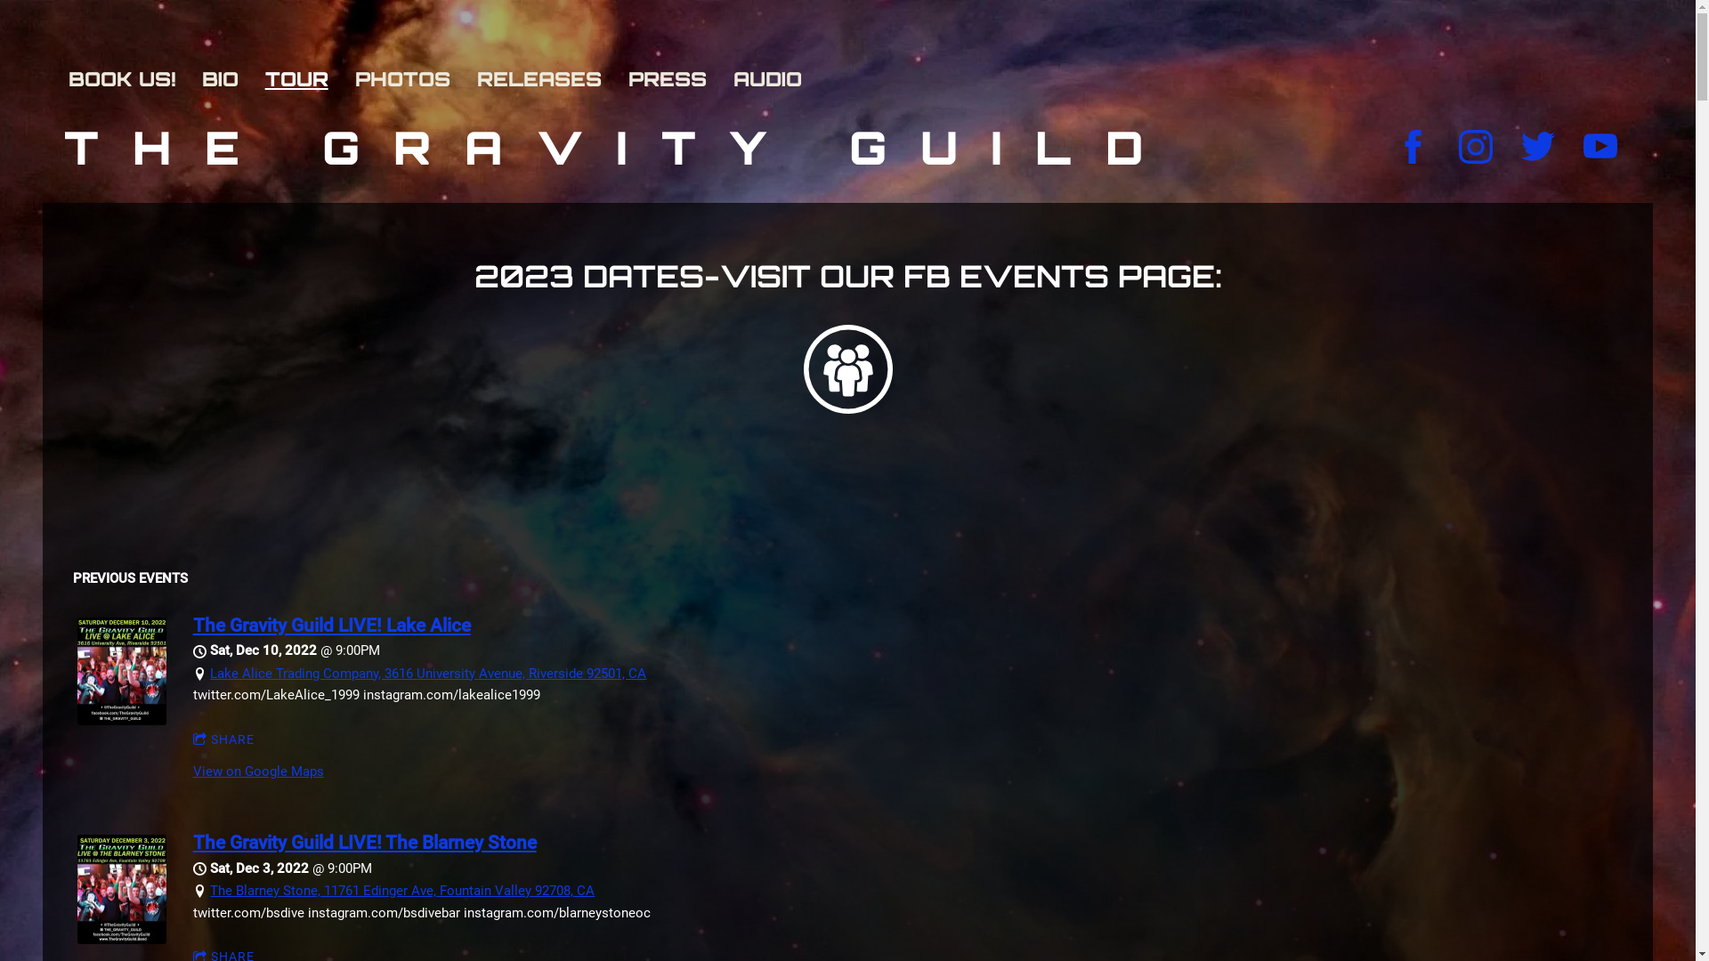  I want to click on 'https://www.facebook.com/thegravityguild', so click(1413, 146).